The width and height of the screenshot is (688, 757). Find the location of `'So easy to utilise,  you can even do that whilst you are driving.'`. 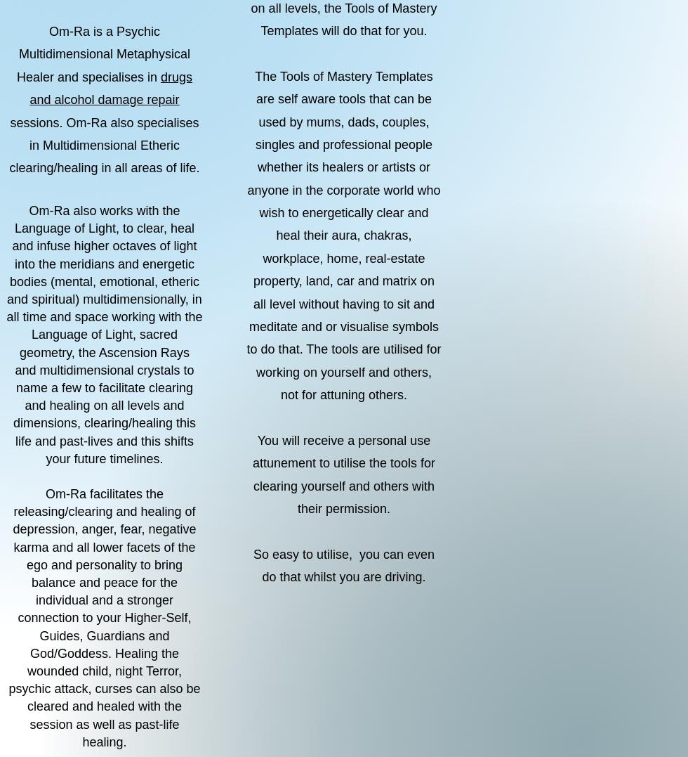

'So easy to utilise,  you can even do that whilst you are driving.' is located at coordinates (343, 565).